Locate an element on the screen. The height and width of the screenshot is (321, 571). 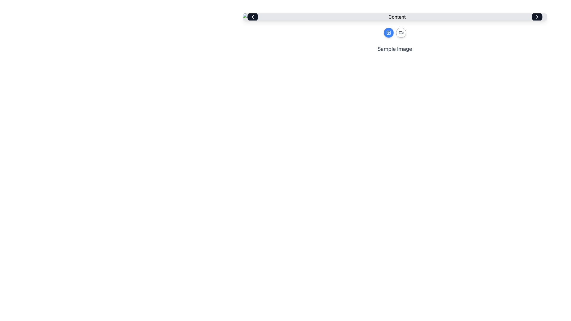
the first circular button with a blue background and white image icon is located at coordinates (388, 33).